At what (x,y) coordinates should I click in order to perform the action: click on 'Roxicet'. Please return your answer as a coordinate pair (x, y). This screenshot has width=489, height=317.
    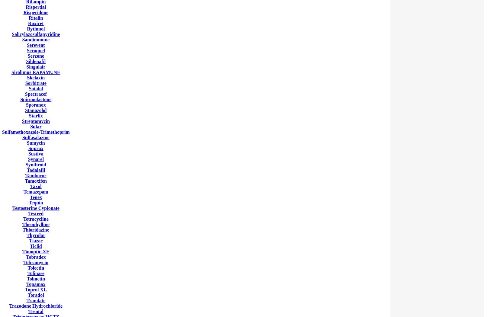
    Looking at the image, I should click on (36, 23).